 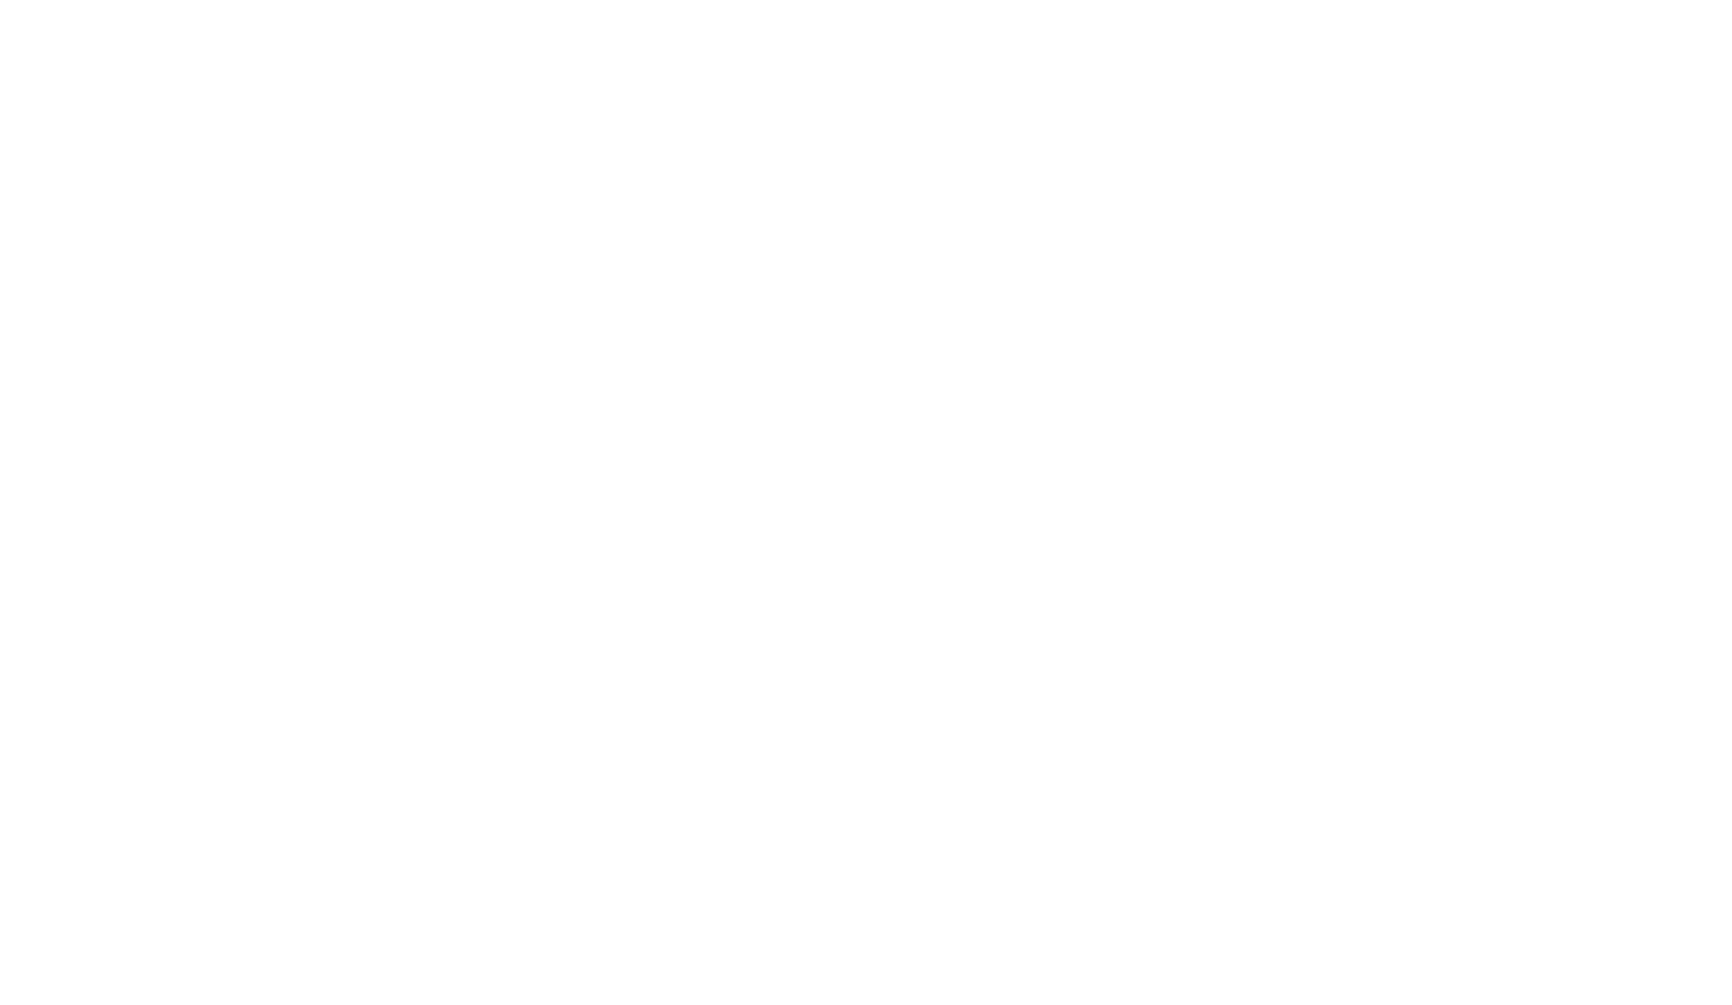 I want to click on 'Spotted par Roxanne', so click(x=864, y=212).